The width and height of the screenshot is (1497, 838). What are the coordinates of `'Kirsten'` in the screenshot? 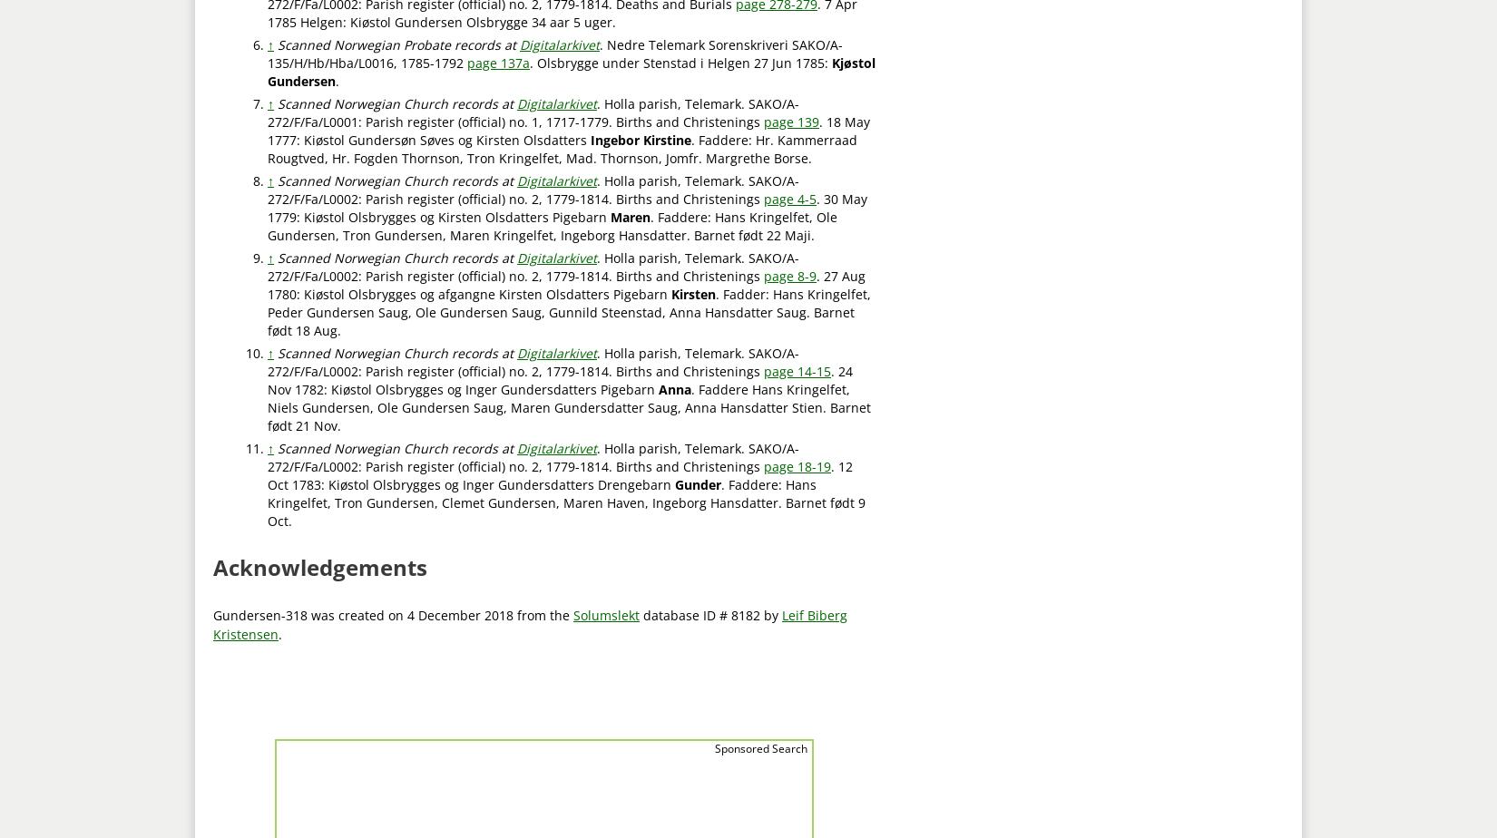 It's located at (692, 293).